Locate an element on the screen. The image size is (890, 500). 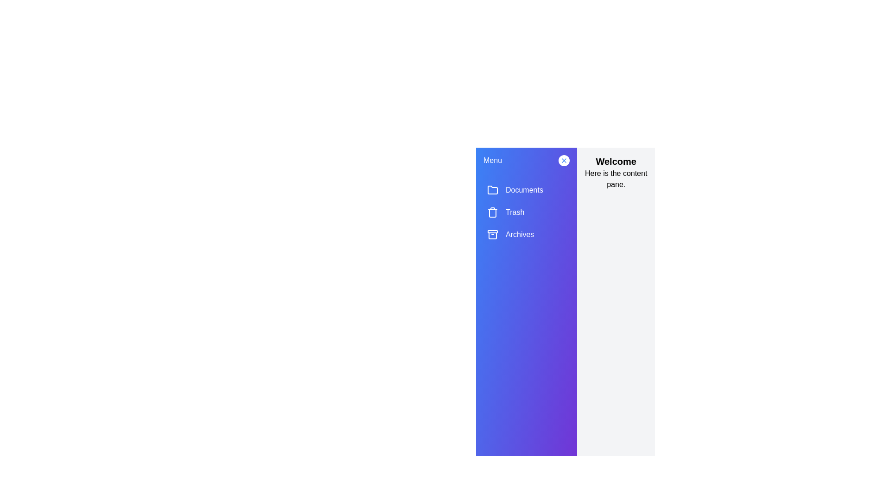
the toggle button to toggle the drawer open or closed is located at coordinates (564, 160).